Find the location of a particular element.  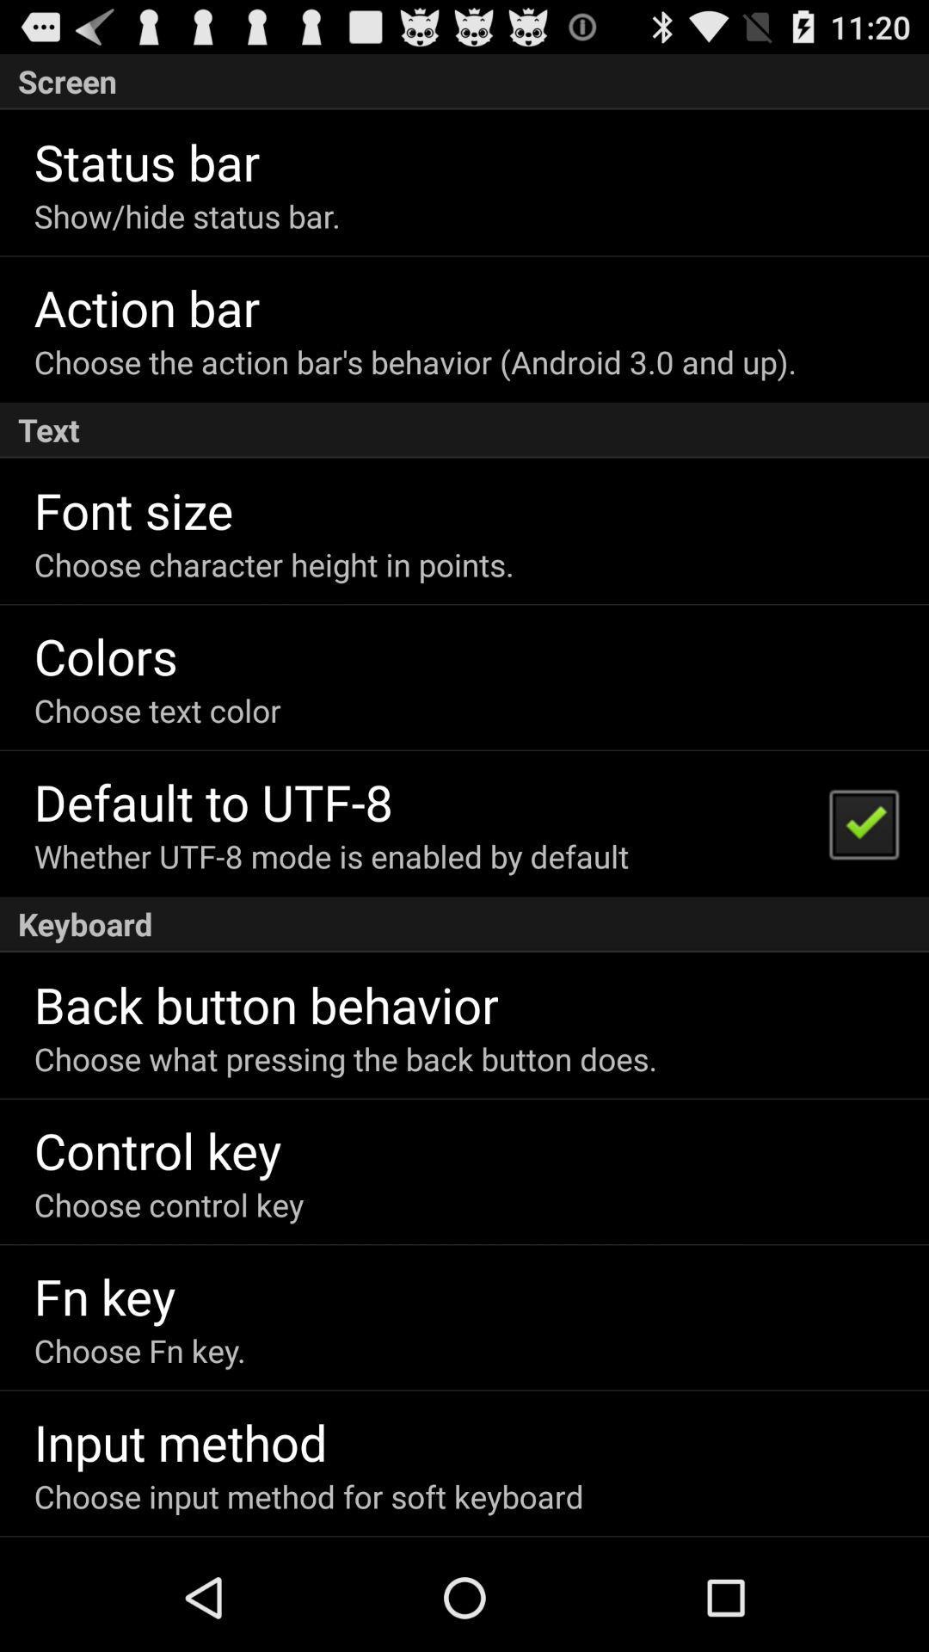

the item on the right is located at coordinates (863, 822).